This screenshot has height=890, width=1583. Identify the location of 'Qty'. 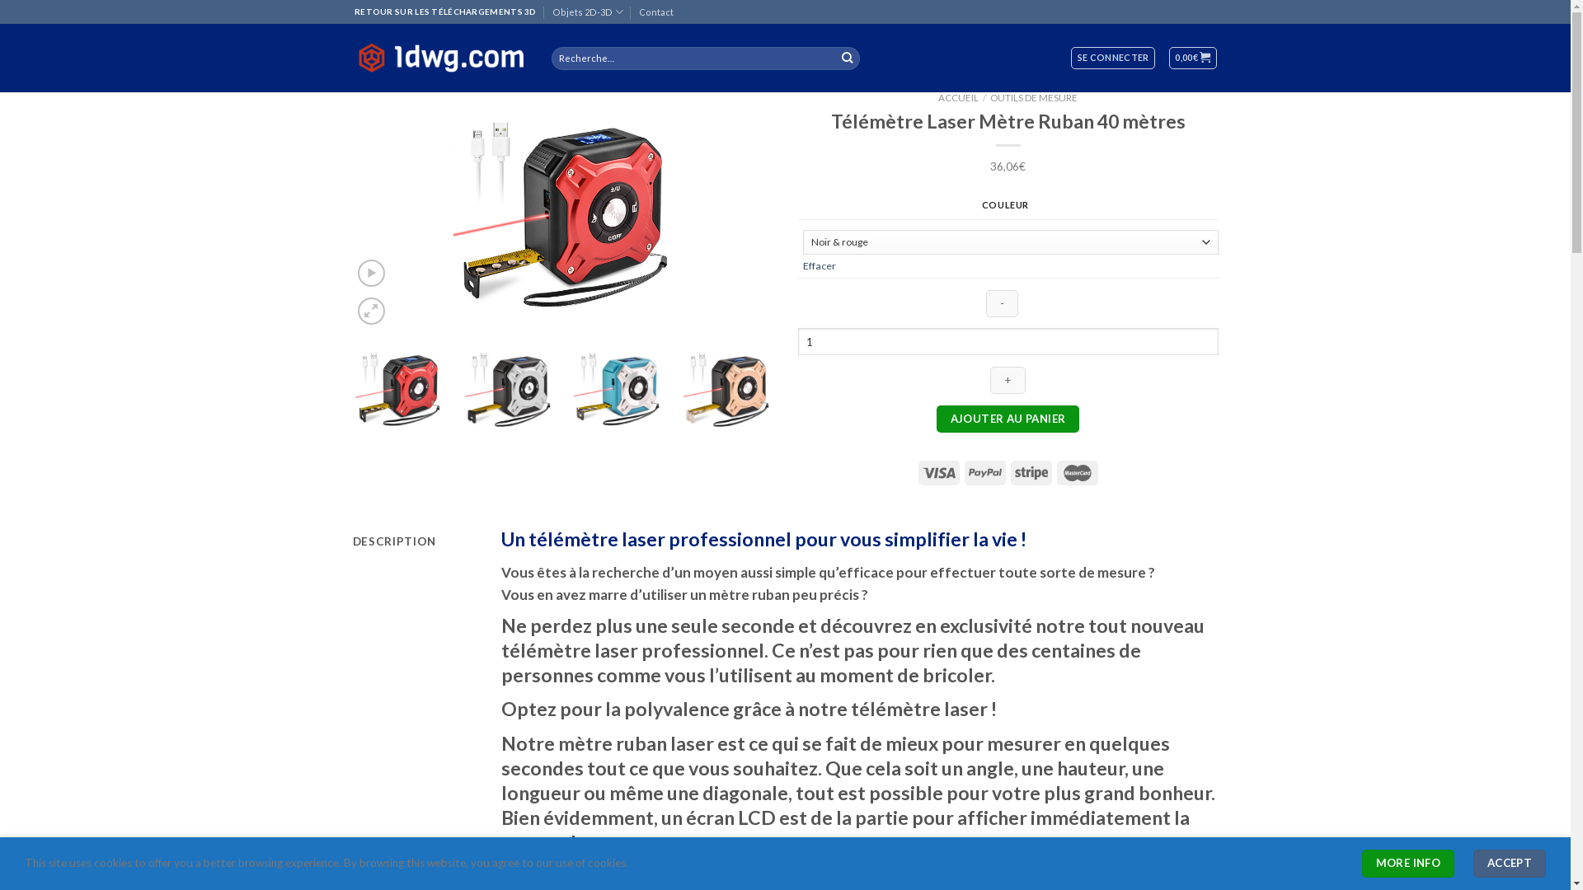
(1008, 340).